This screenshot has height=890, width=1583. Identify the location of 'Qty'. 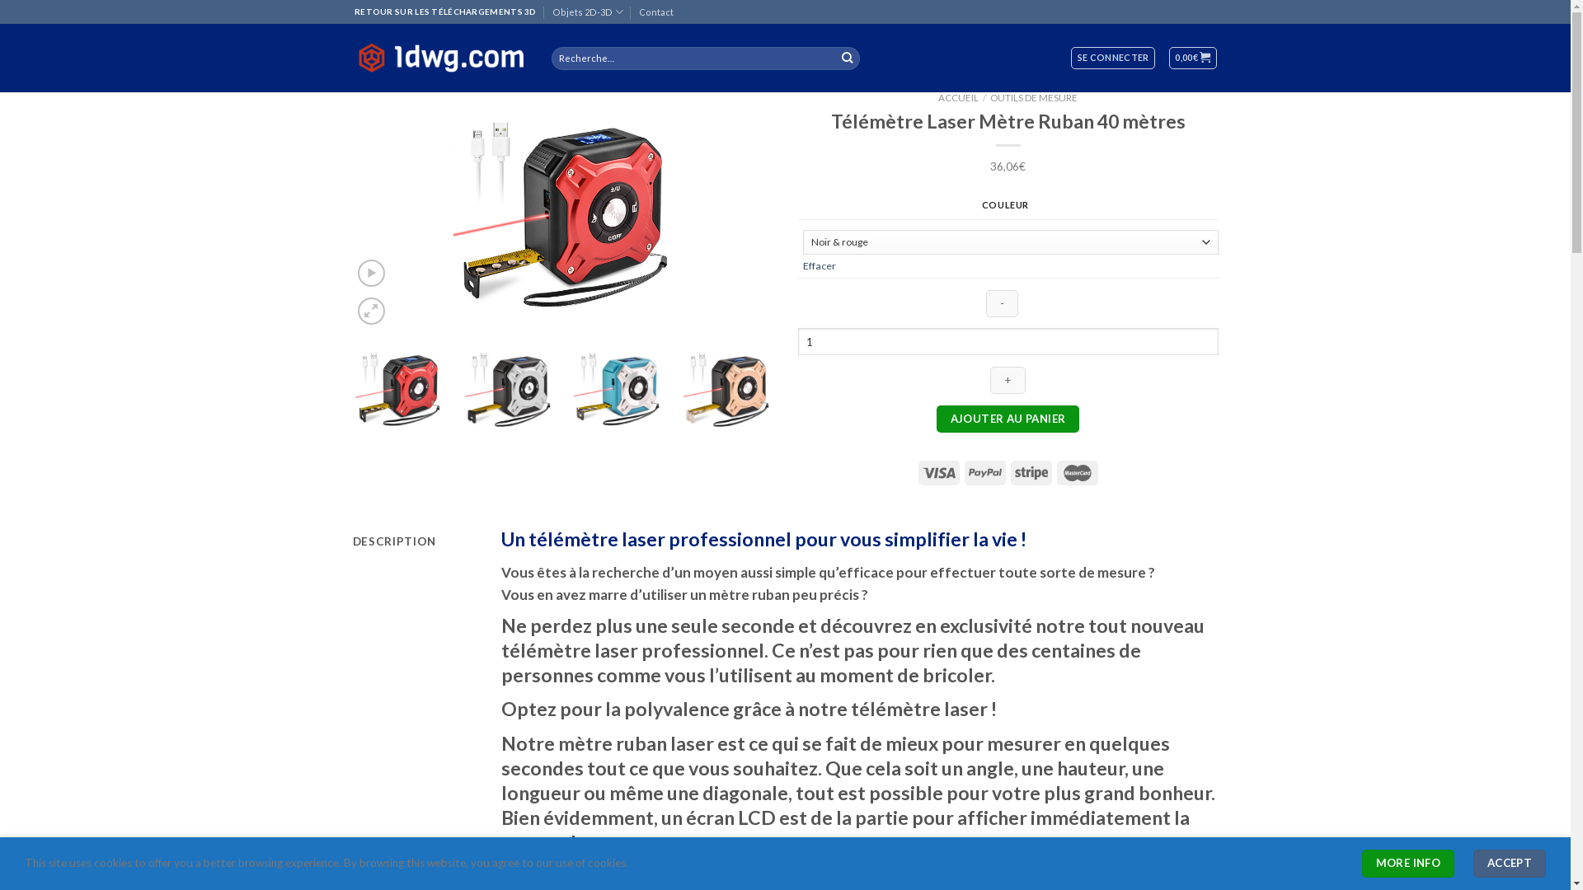
(1008, 340).